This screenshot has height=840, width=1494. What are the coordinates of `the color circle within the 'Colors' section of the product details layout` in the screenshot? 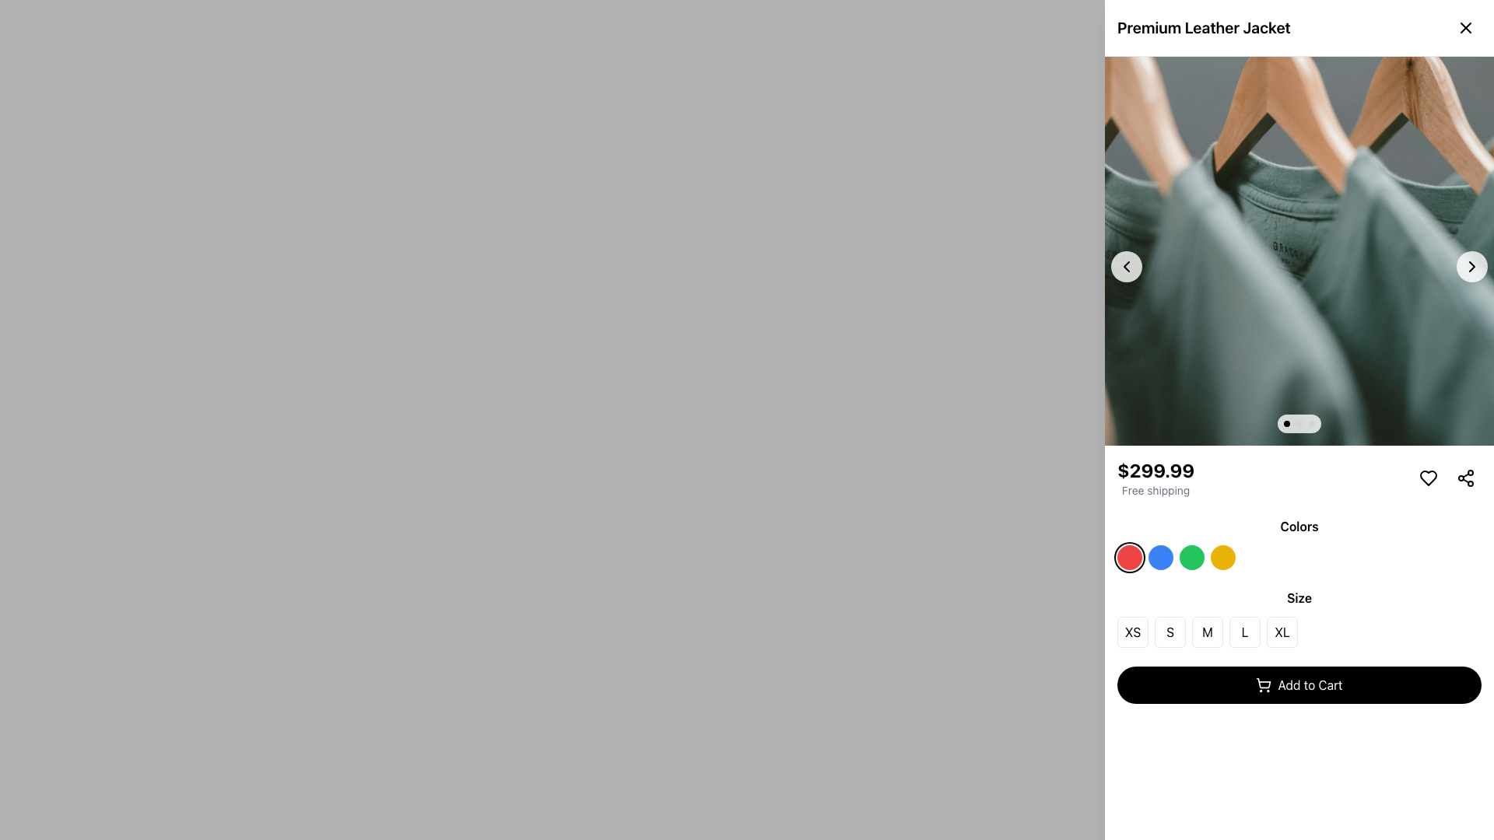 It's located at (1299, 542).